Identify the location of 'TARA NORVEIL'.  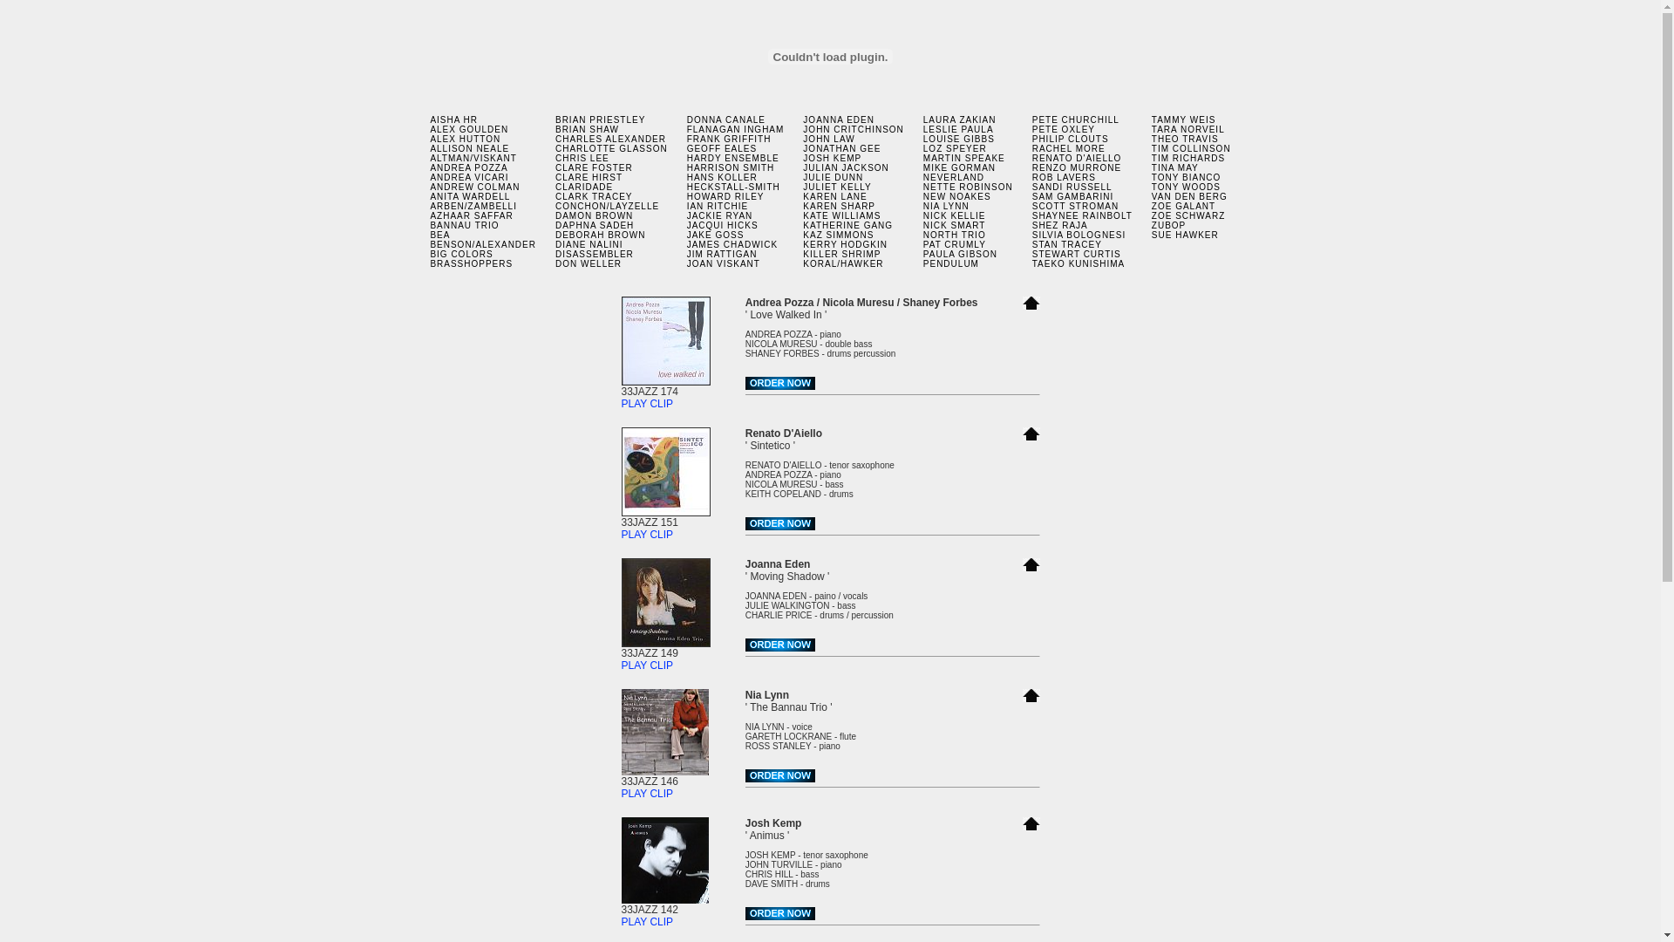
(1187, 128).